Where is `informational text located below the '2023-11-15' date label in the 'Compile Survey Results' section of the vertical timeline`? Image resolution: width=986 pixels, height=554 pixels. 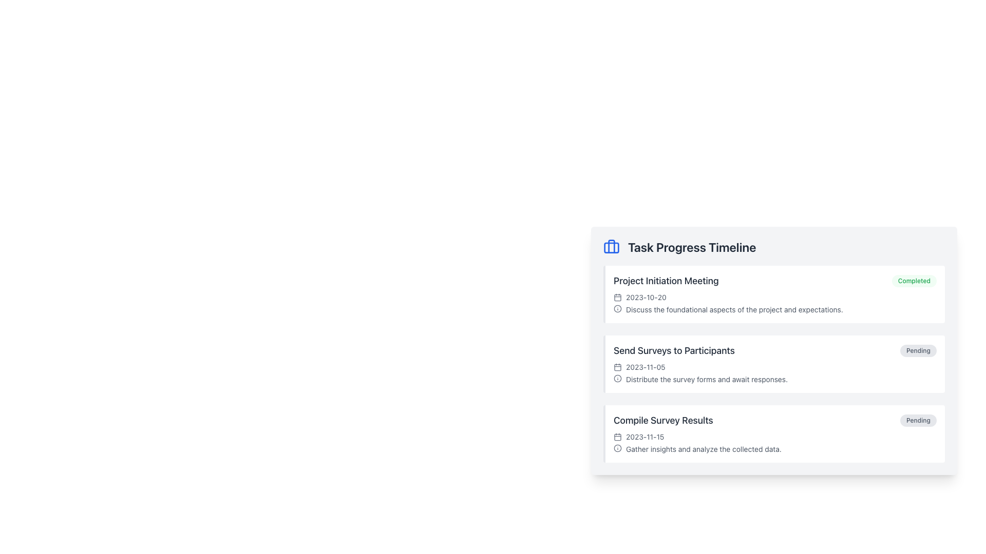 informational text located below the '2023-11-15' date label in the 'Compile Survey Results' section of the vertical timeline is located at coordinates (775, 448).